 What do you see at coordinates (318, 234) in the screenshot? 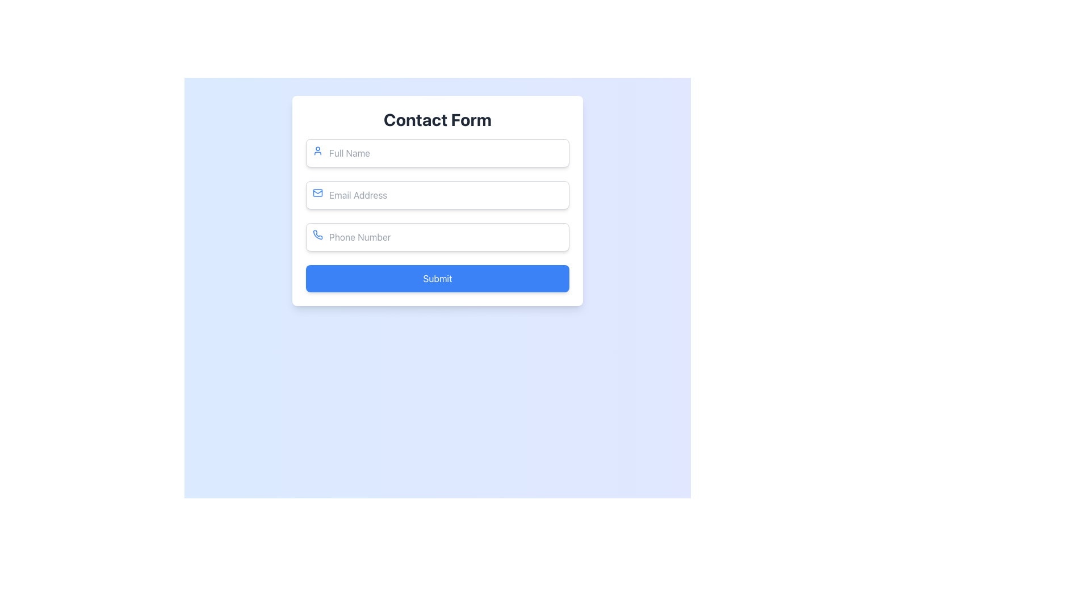
I see `the phone number field icon, which is located near the top-left corner adjacent to the 'Phone Number' input field` at bounding box center [318, 234].